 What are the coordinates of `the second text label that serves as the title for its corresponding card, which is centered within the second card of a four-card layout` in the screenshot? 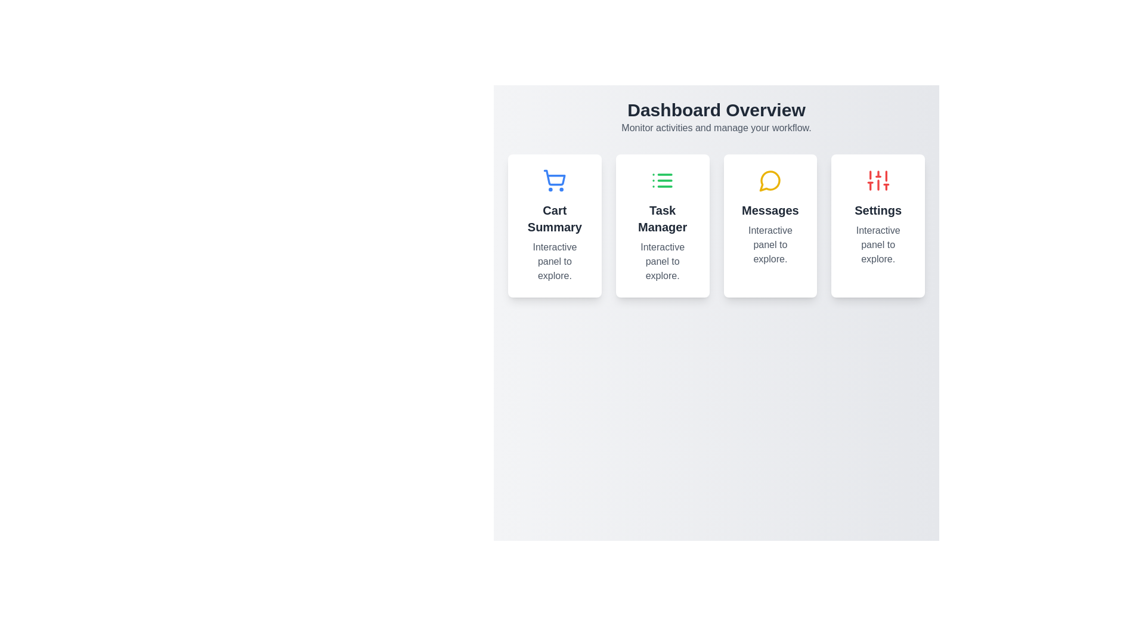 It's located at (662, 218).